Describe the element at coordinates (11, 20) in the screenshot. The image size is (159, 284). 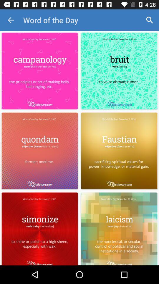
I see `icon next to the word of the` at that location.